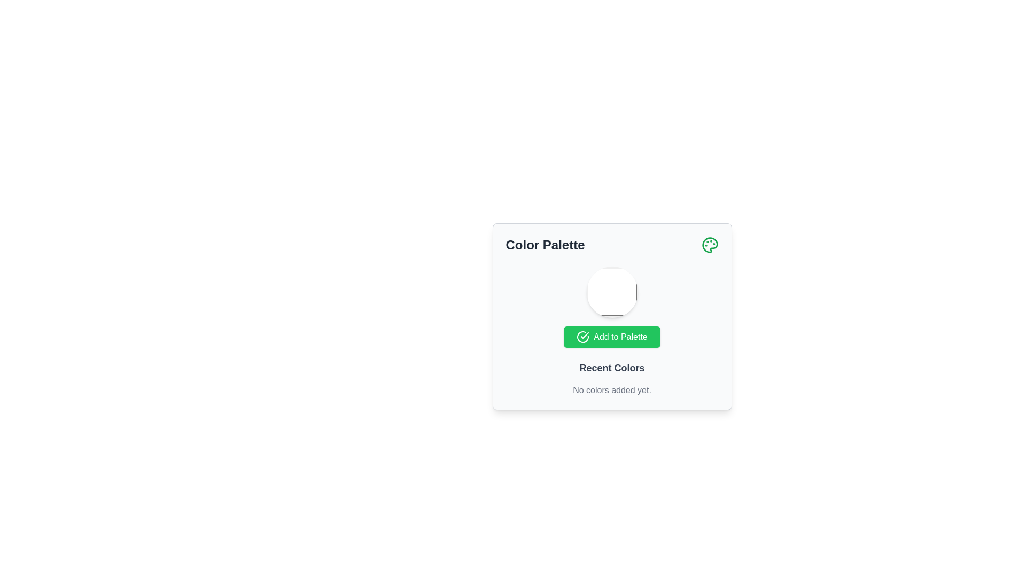 The image size is (1026, 577). I want to click on the color palette icon located in the top-right corner of the 'Color Palette' section, positioned to the right of the 'Color Palette' text, so click(710, 245).